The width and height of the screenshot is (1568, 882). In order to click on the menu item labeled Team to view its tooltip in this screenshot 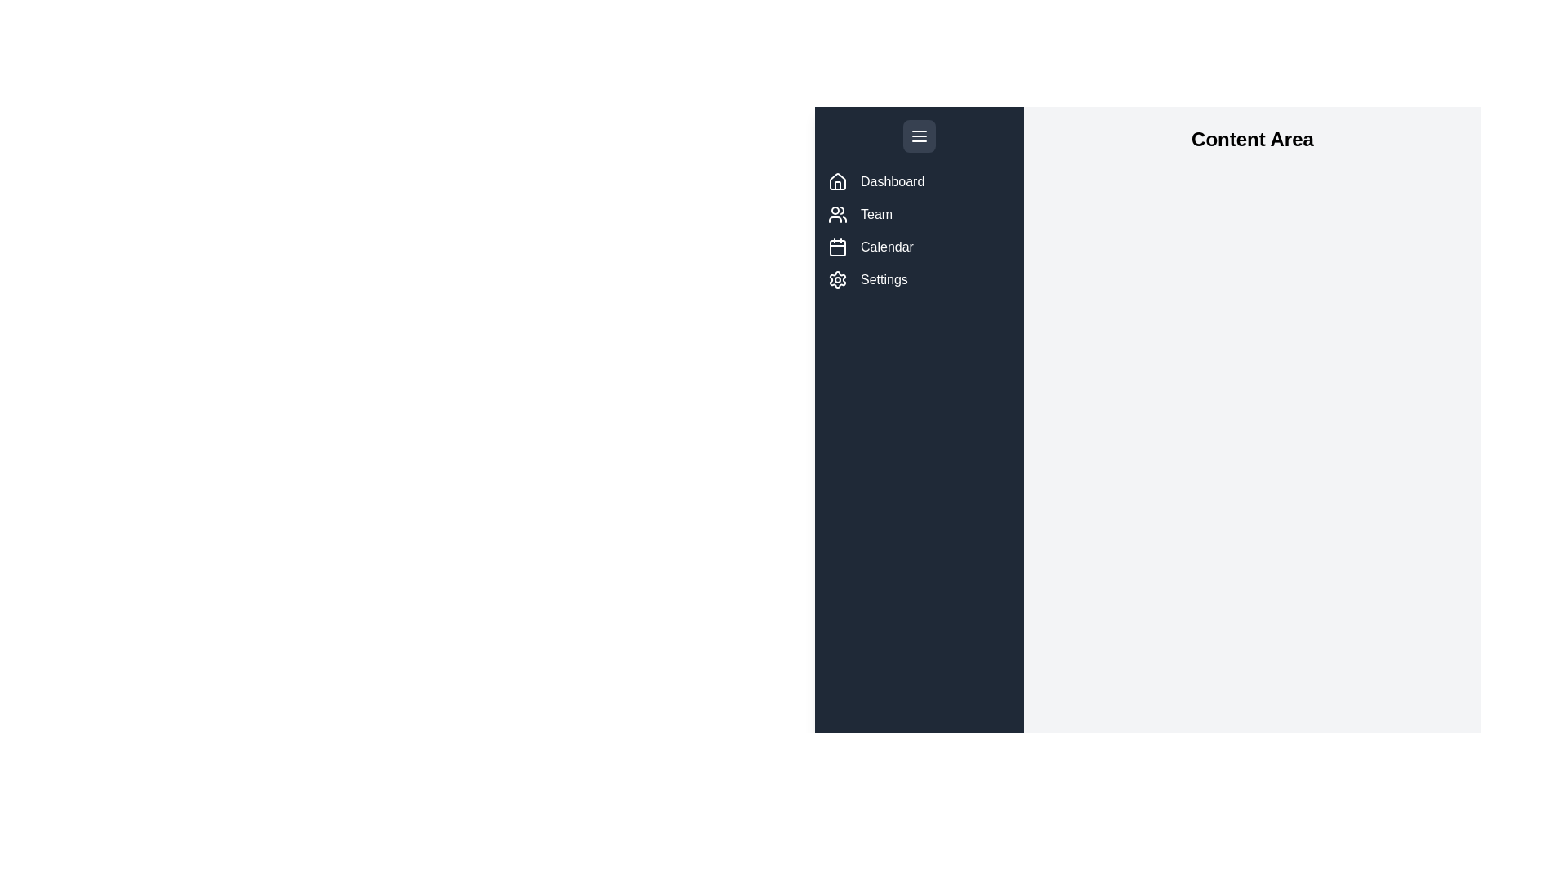, I will do `click(838, 213)`.